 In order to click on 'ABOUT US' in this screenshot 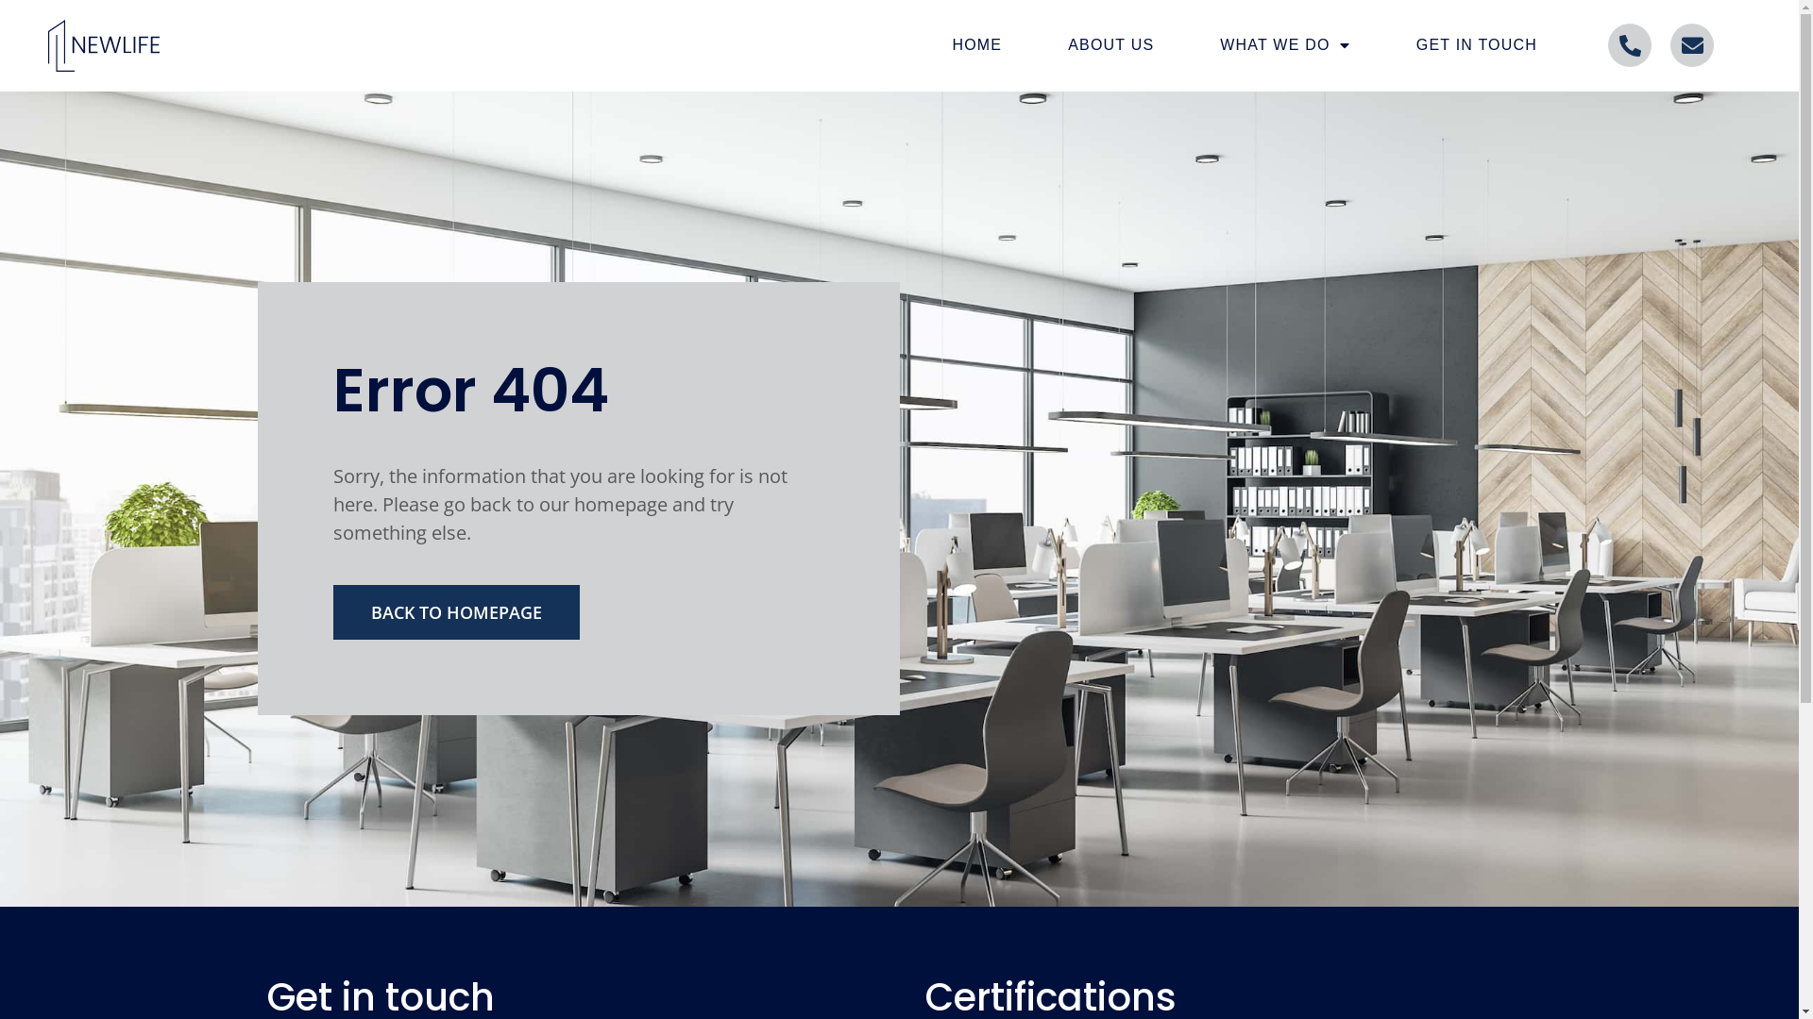, I will do `click(1110, 43)`.